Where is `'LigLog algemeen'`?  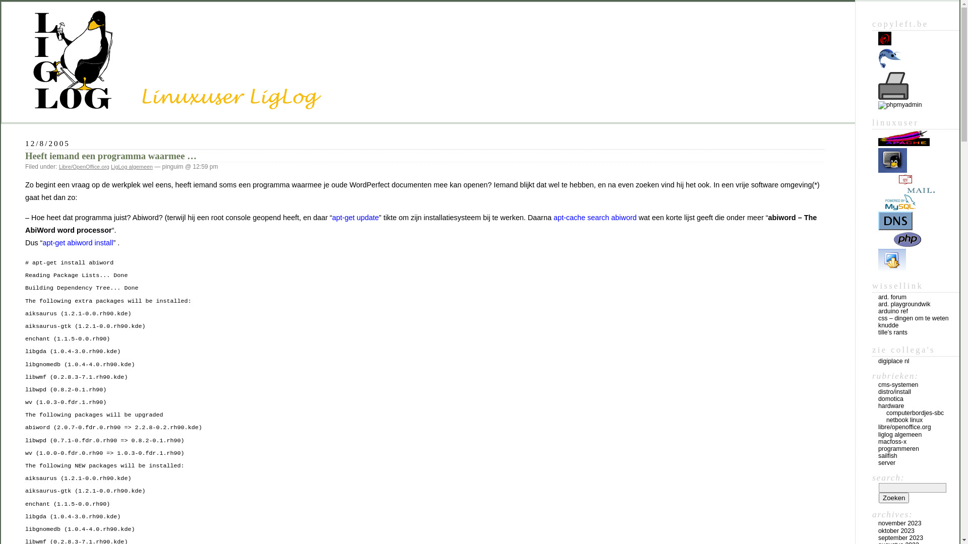 'LigLog algemeen' is located at coordinates (111, 166).